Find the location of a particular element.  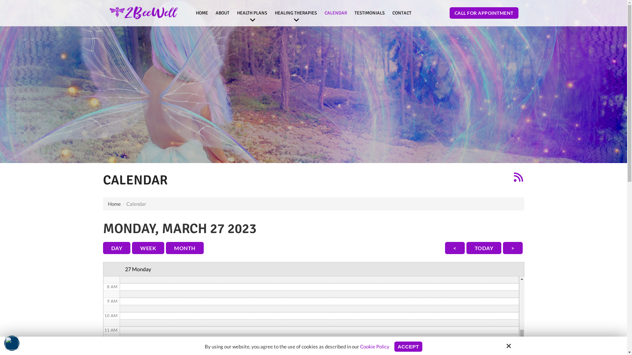

'Cookie Policy' is located at coordinates (375, 346).